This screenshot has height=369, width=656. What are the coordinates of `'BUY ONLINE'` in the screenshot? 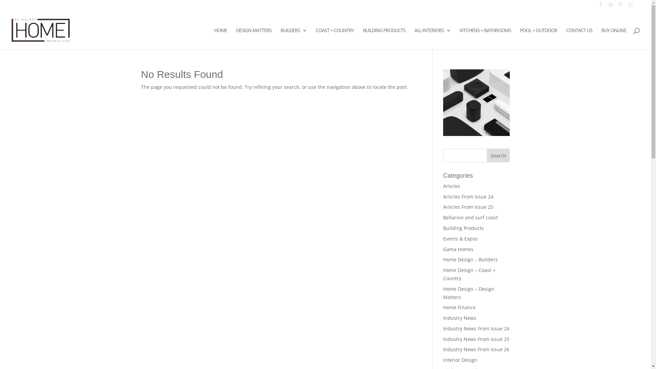 It's located at (614, 39).